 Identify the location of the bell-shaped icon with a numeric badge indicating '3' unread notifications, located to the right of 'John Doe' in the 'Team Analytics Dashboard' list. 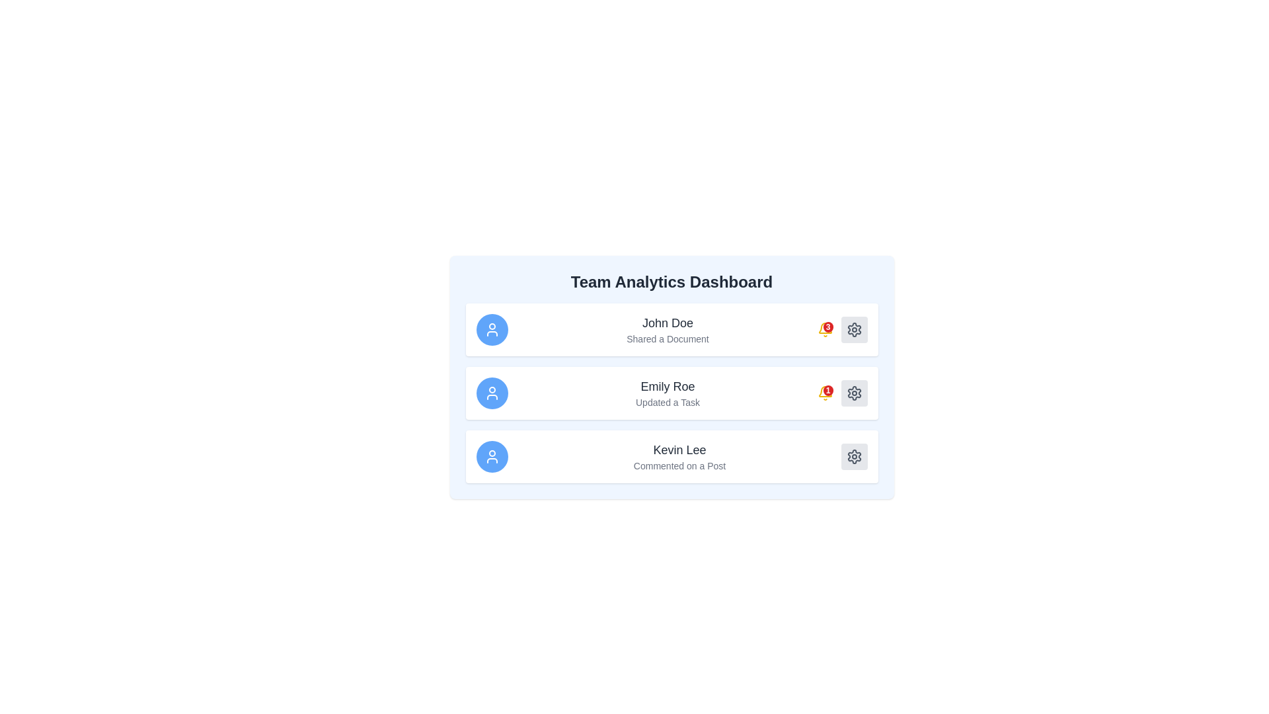
(824, 327).